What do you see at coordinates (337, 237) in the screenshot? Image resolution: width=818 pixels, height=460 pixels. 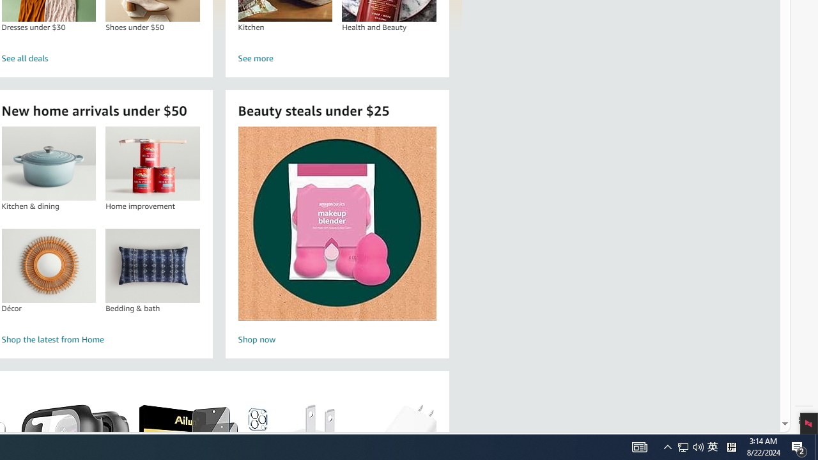 I see `'Beauty steals under $25 Shop now'` at bounding box center [337, 237].